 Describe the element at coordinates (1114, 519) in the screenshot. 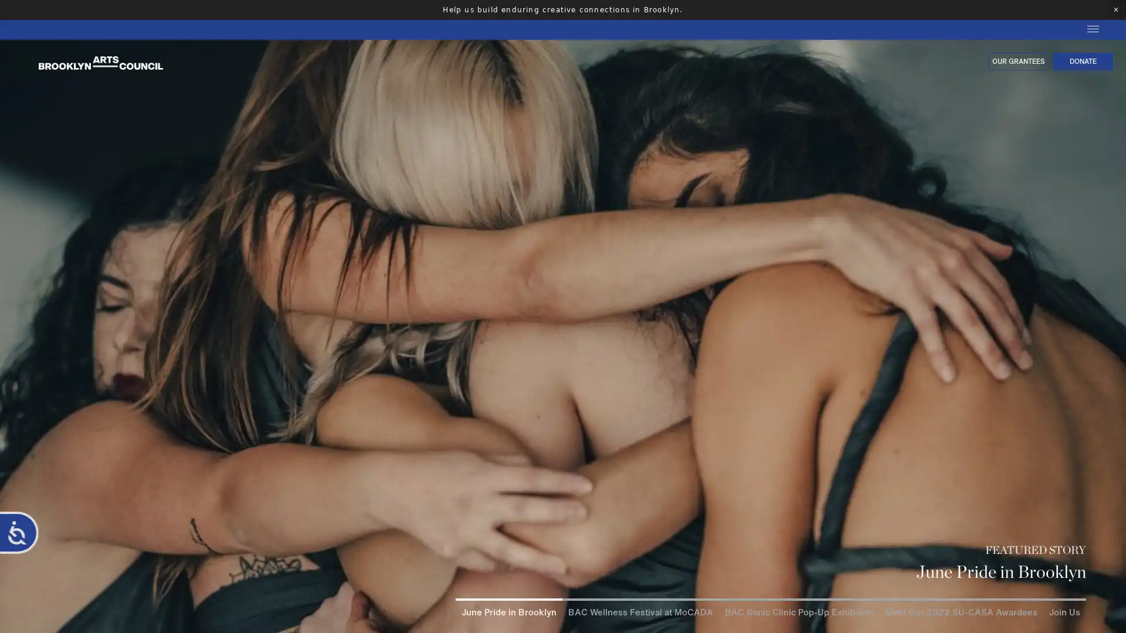

I see `Close` at that location.